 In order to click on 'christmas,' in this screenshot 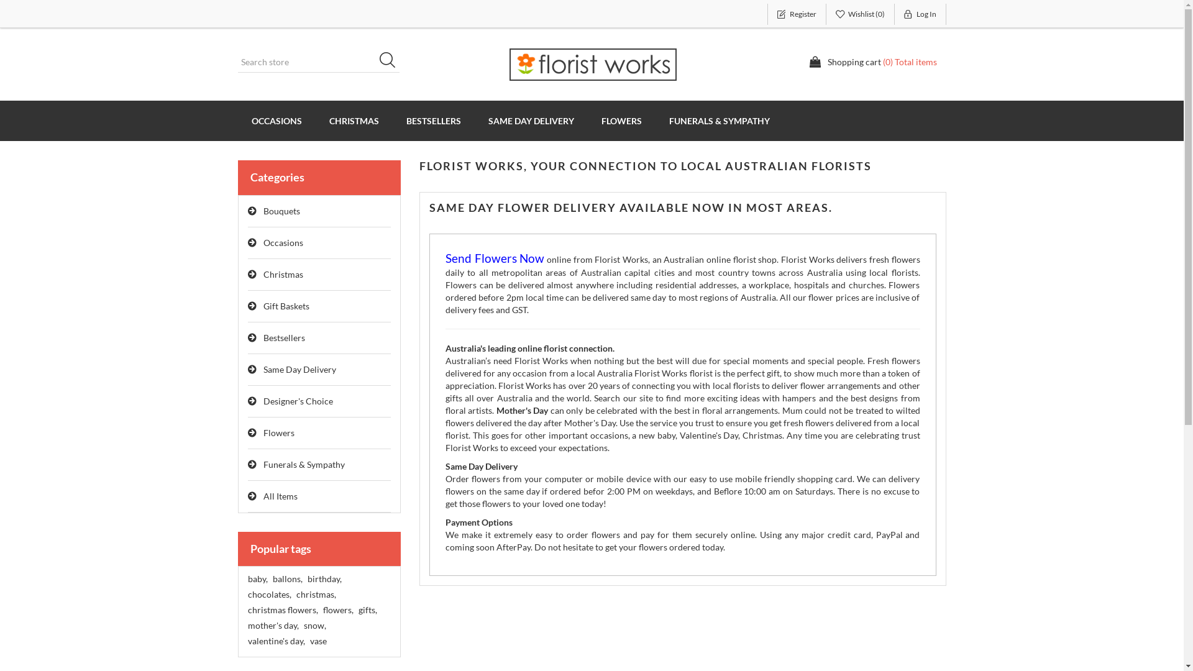, I will do `click(316, 593)`.